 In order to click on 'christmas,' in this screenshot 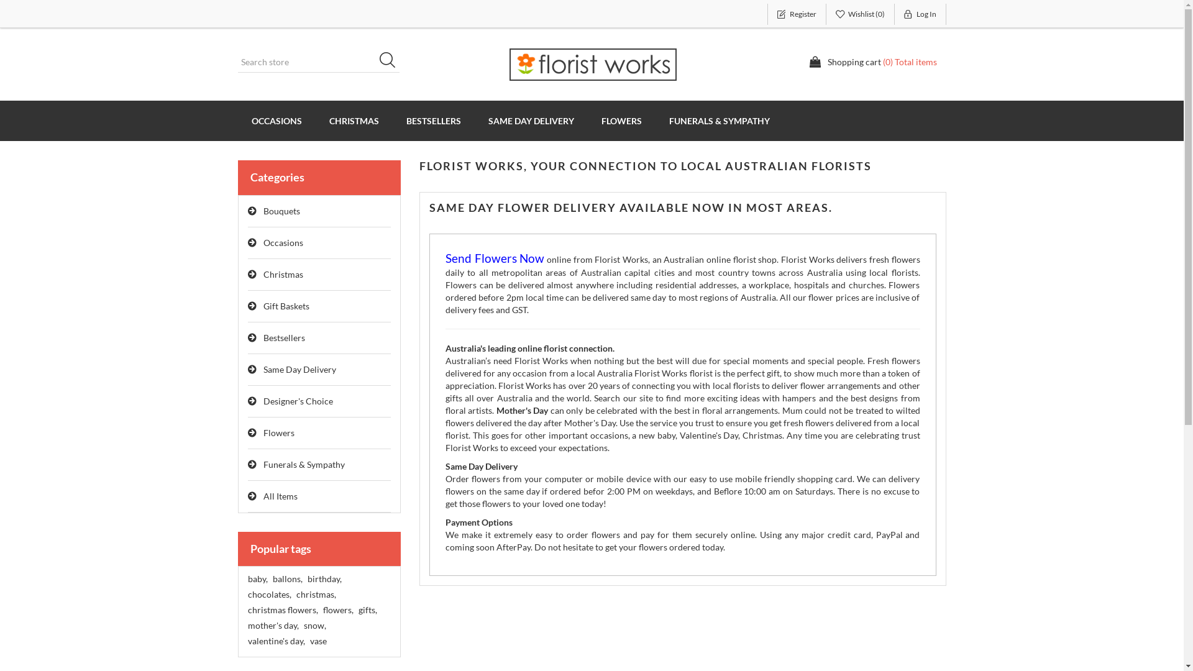, I will do `click(316, 593)`.